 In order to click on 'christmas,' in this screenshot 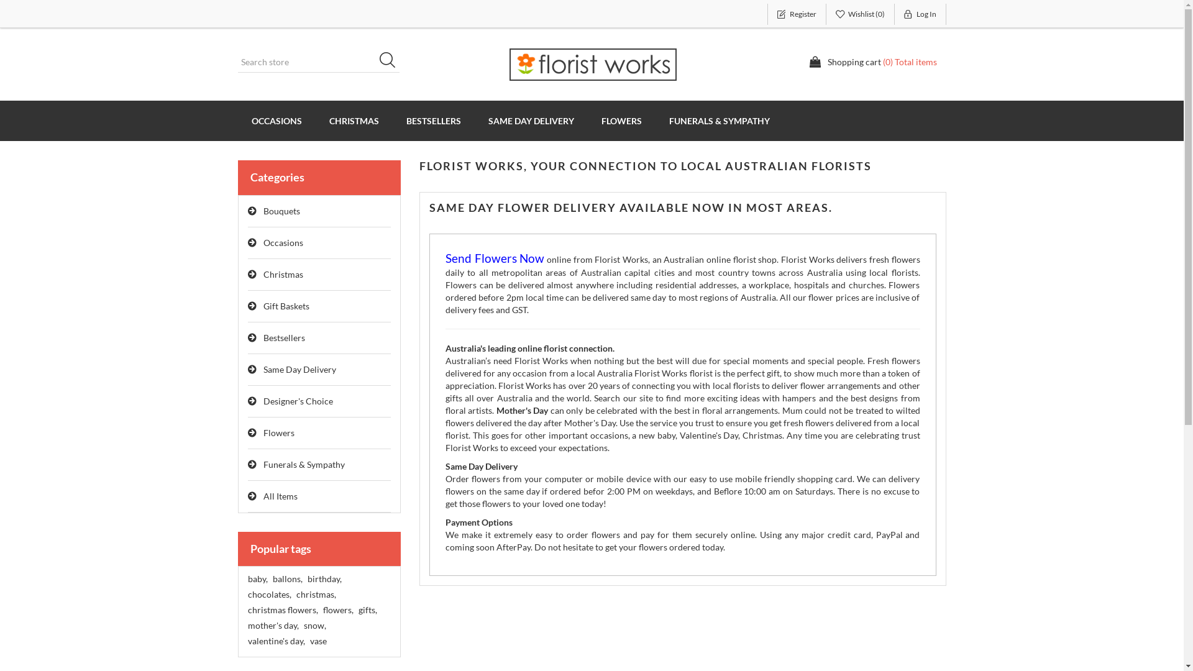, I will do `click(316, 593)`.